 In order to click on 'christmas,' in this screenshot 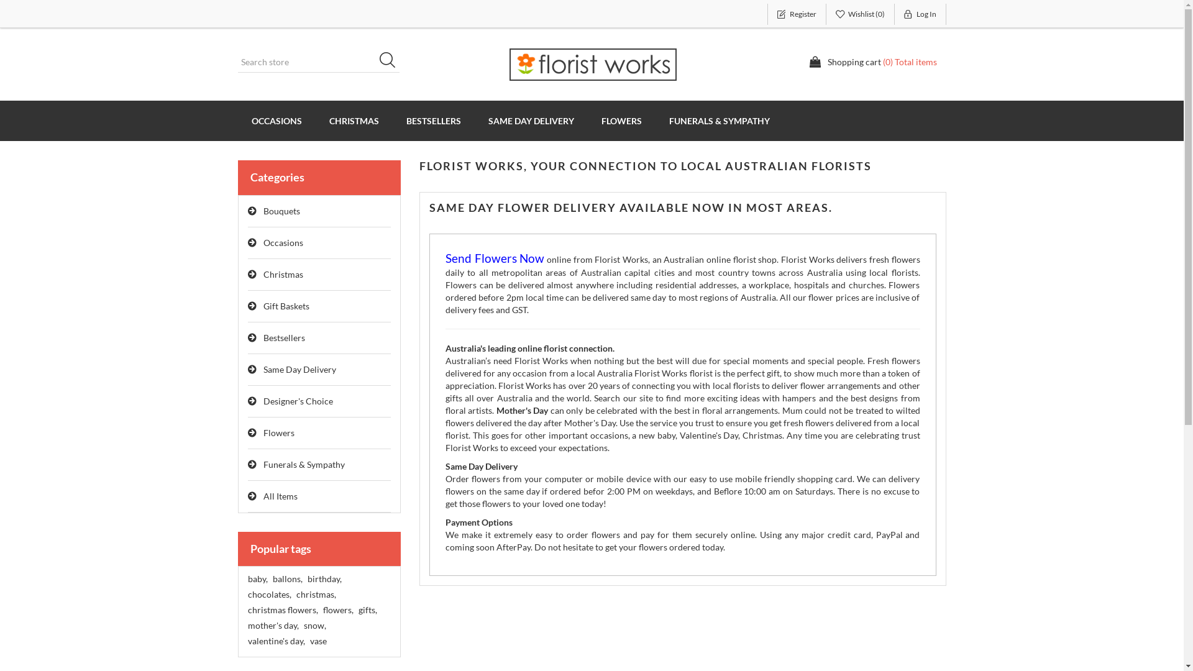, I will do `click(316, 593)`.